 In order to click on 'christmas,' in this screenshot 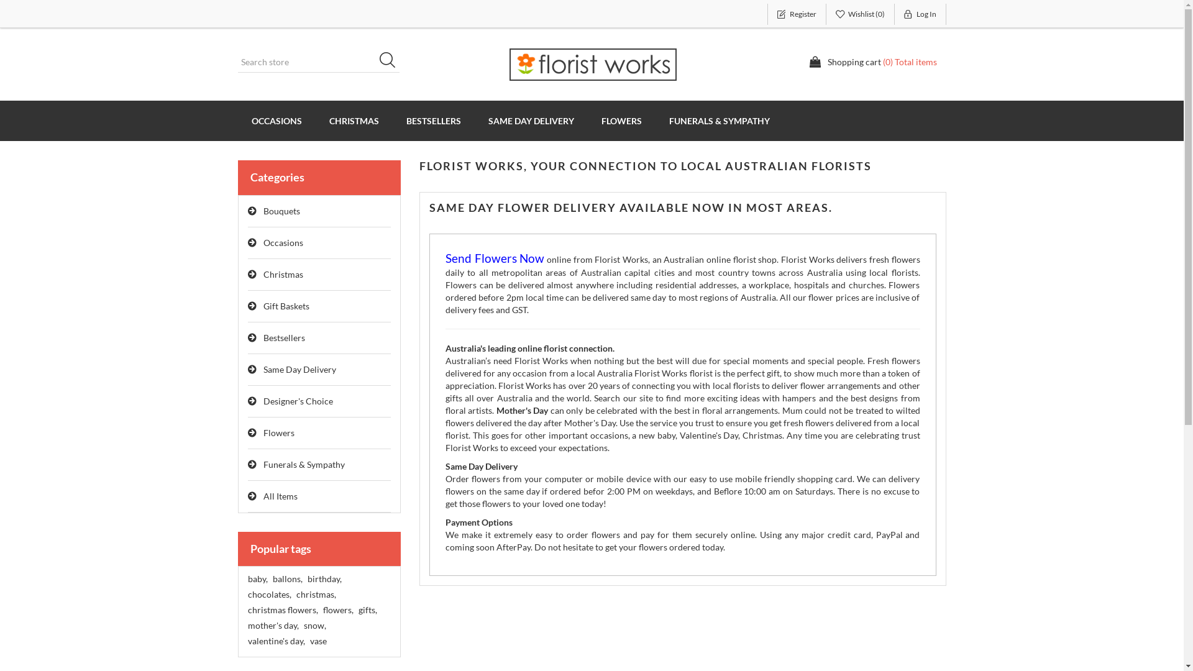, I will do `click(316, 593)`.